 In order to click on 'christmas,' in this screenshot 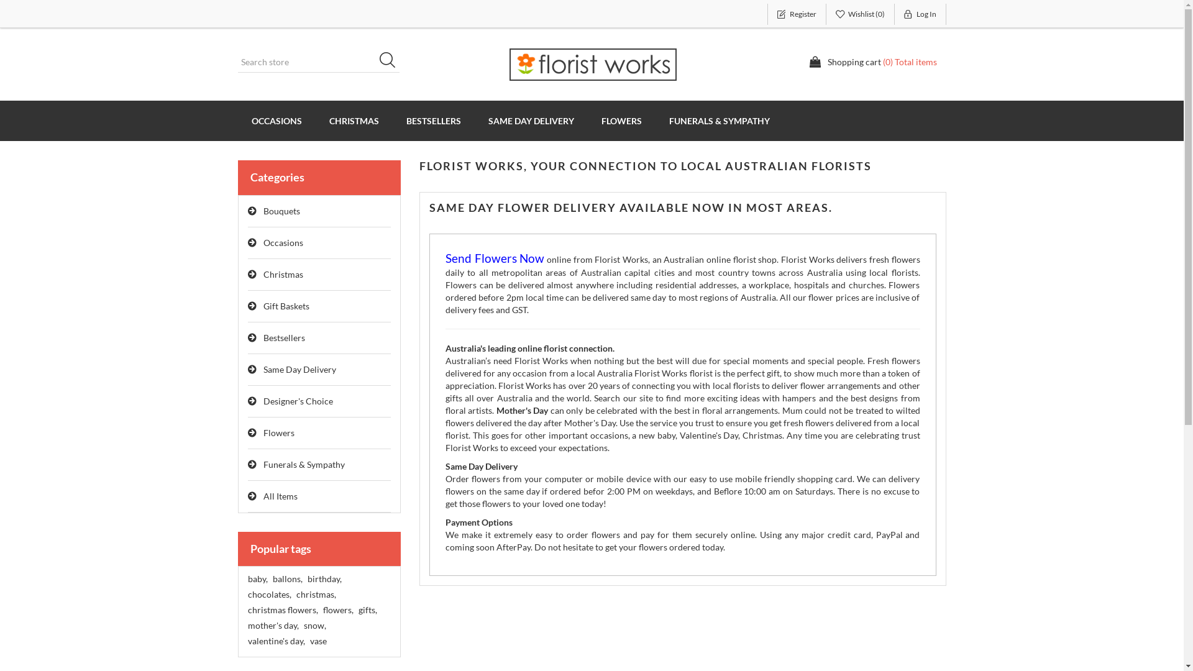, I will do `click(316, 593)`.